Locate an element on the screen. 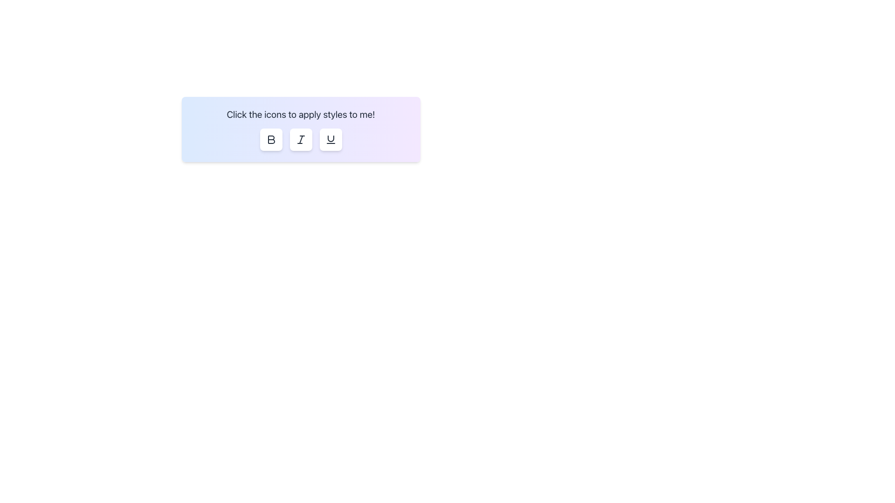 Image resolution: width=895 pixels, height=503 pixels. the vector graphic representing a curved line segment, which is positioned between an italicized 'I' icon and a button labeled 'U' is located at coordinates (330, 138).